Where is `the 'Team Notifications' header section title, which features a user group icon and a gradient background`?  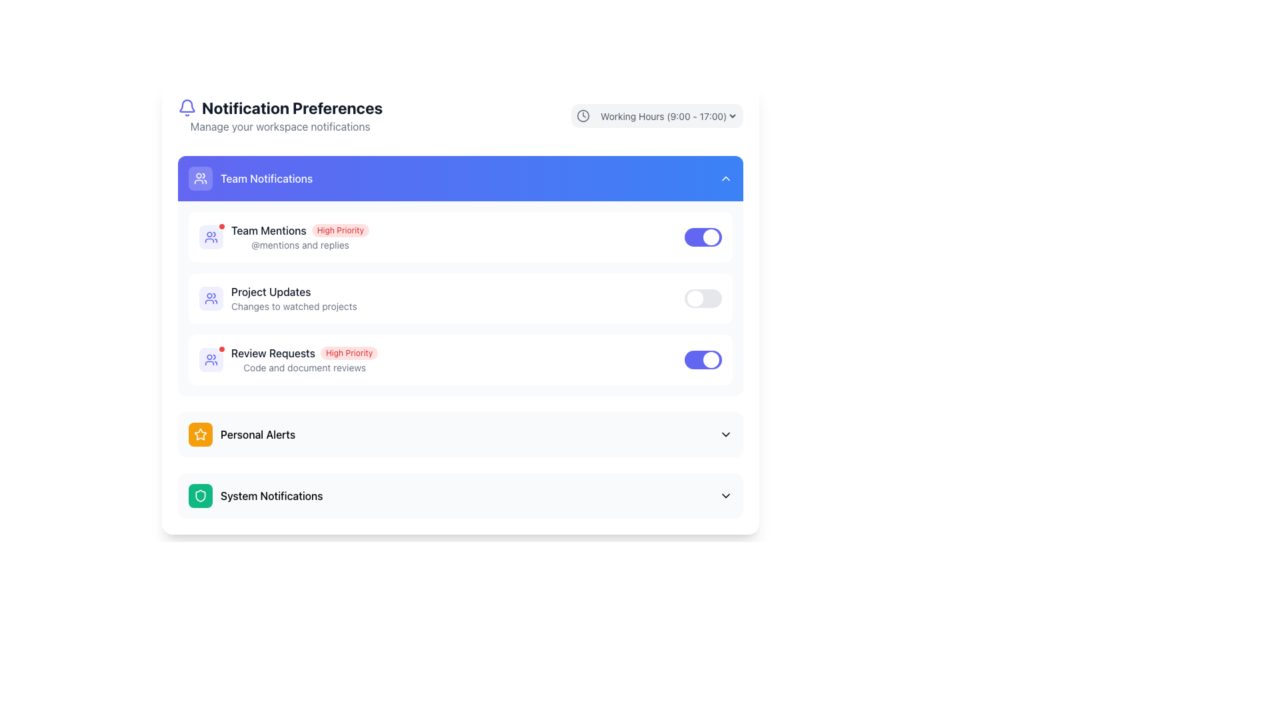
the 'Team Notifications' header section title, which features a user group icon and a gradient background is located at coordinates (251, 177).